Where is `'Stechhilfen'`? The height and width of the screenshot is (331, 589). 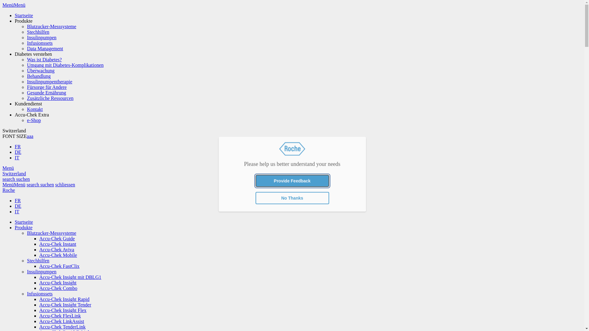
'Stechhilfen' is located at coordinates (38, 32).